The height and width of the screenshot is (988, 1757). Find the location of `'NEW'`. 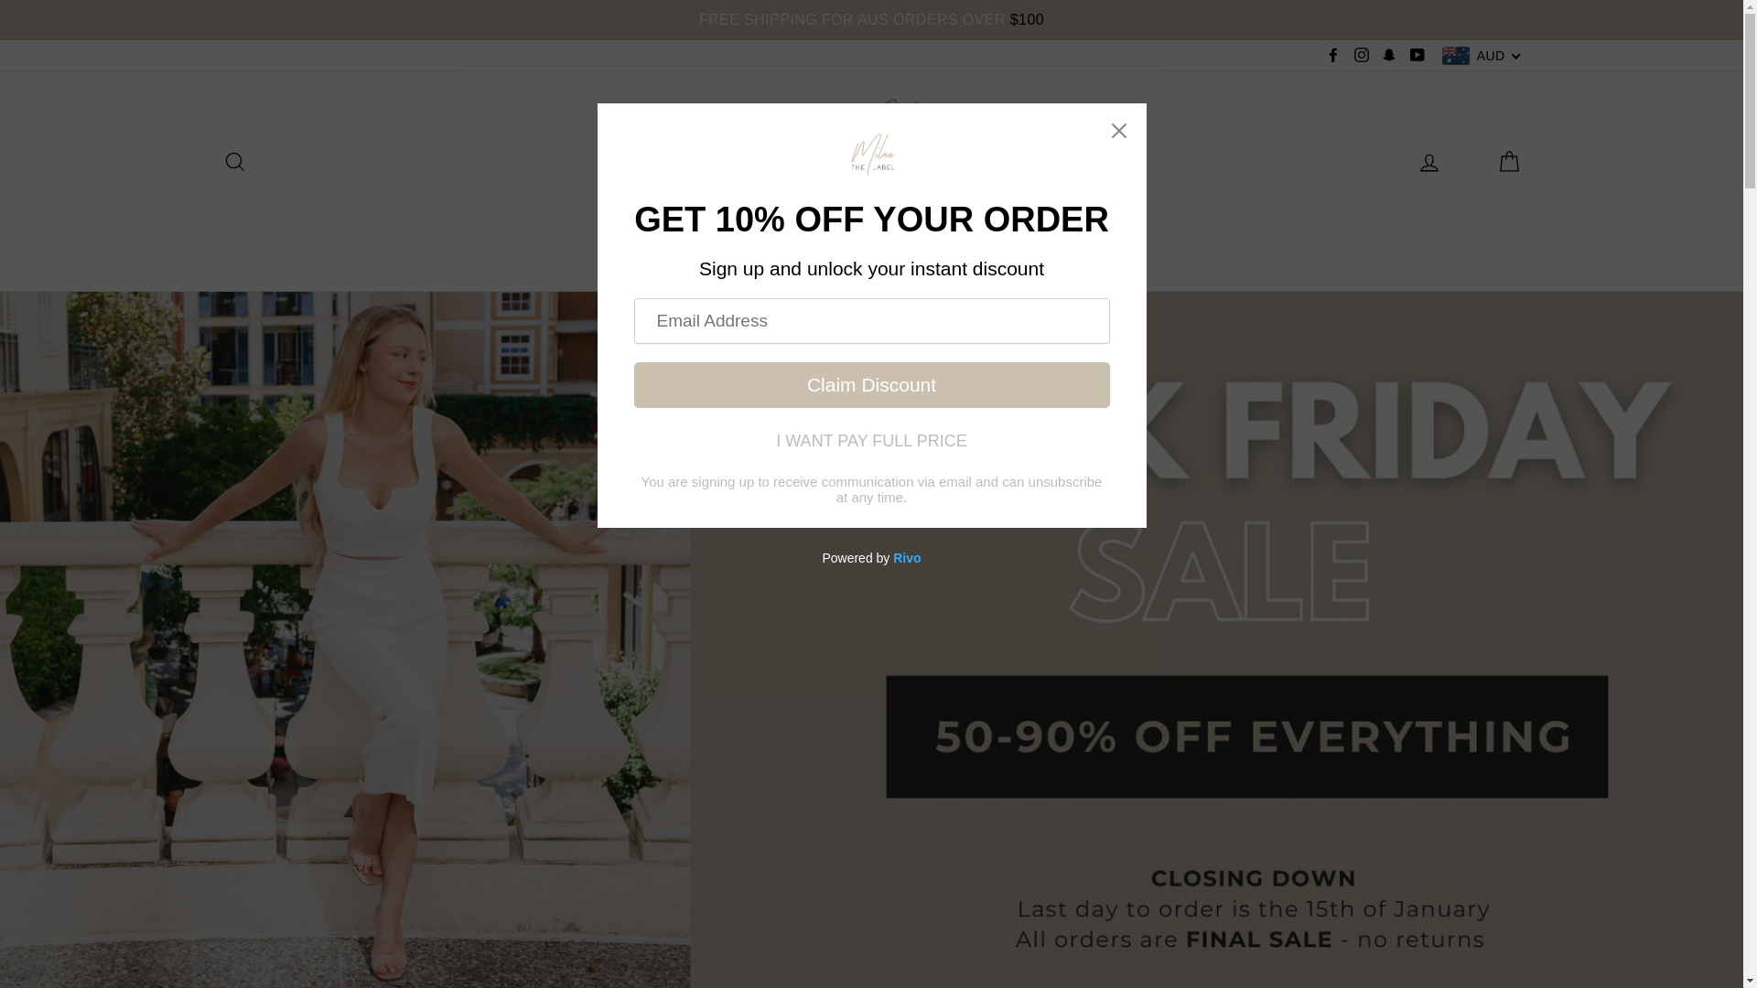

'NEW' is located at coordinates (622, 252).